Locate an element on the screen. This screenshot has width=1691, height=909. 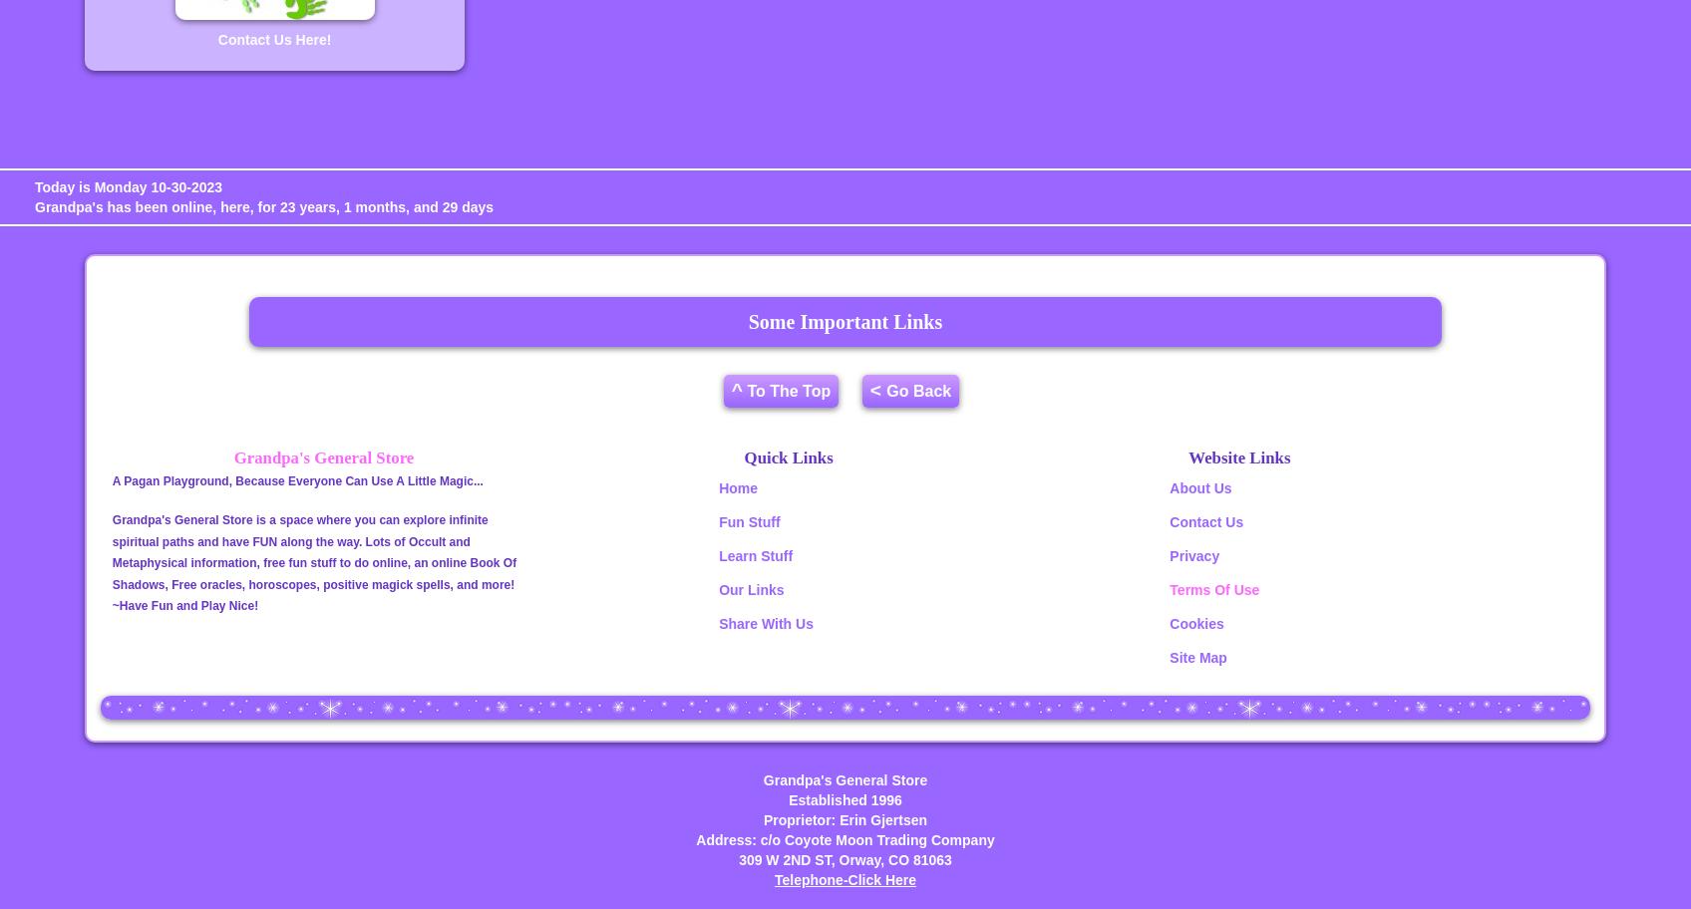
'Privacy' is located at coordinates (1194, 554).